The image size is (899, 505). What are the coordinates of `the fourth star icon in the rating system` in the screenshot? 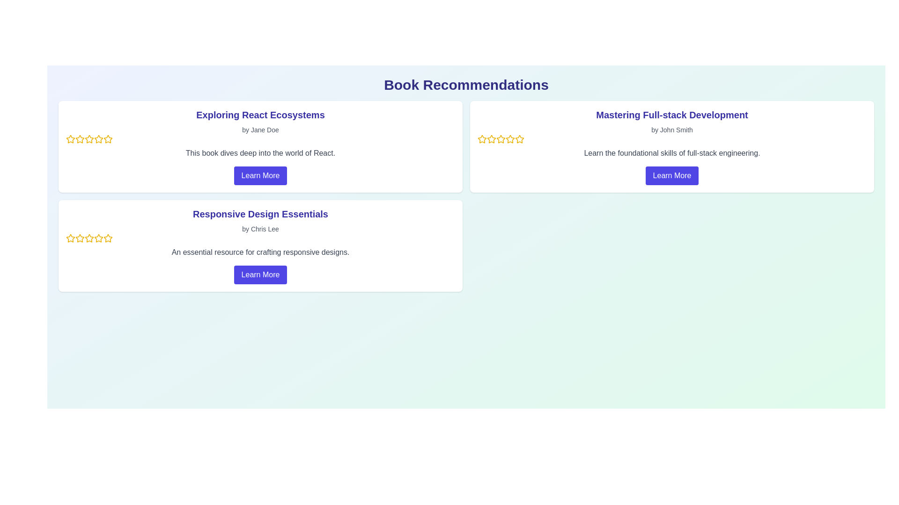 It's located at (108, 139).